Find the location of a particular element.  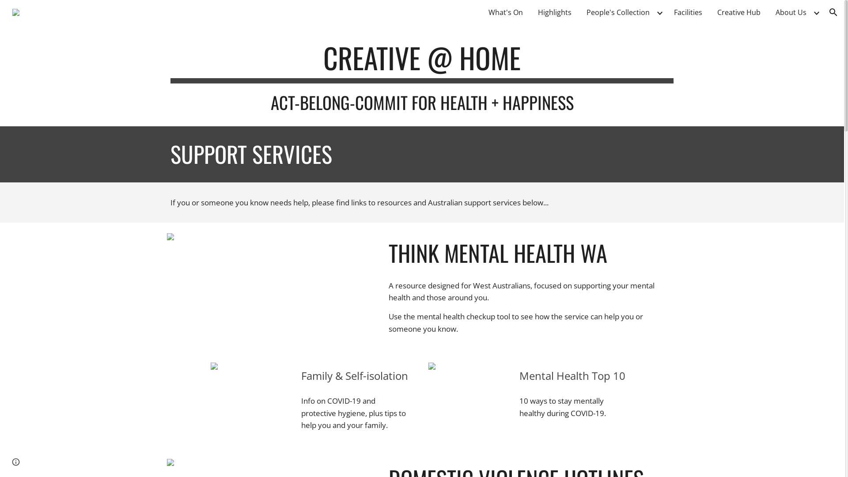

'Expand/Collapse' is located at coordinates (659, 12).